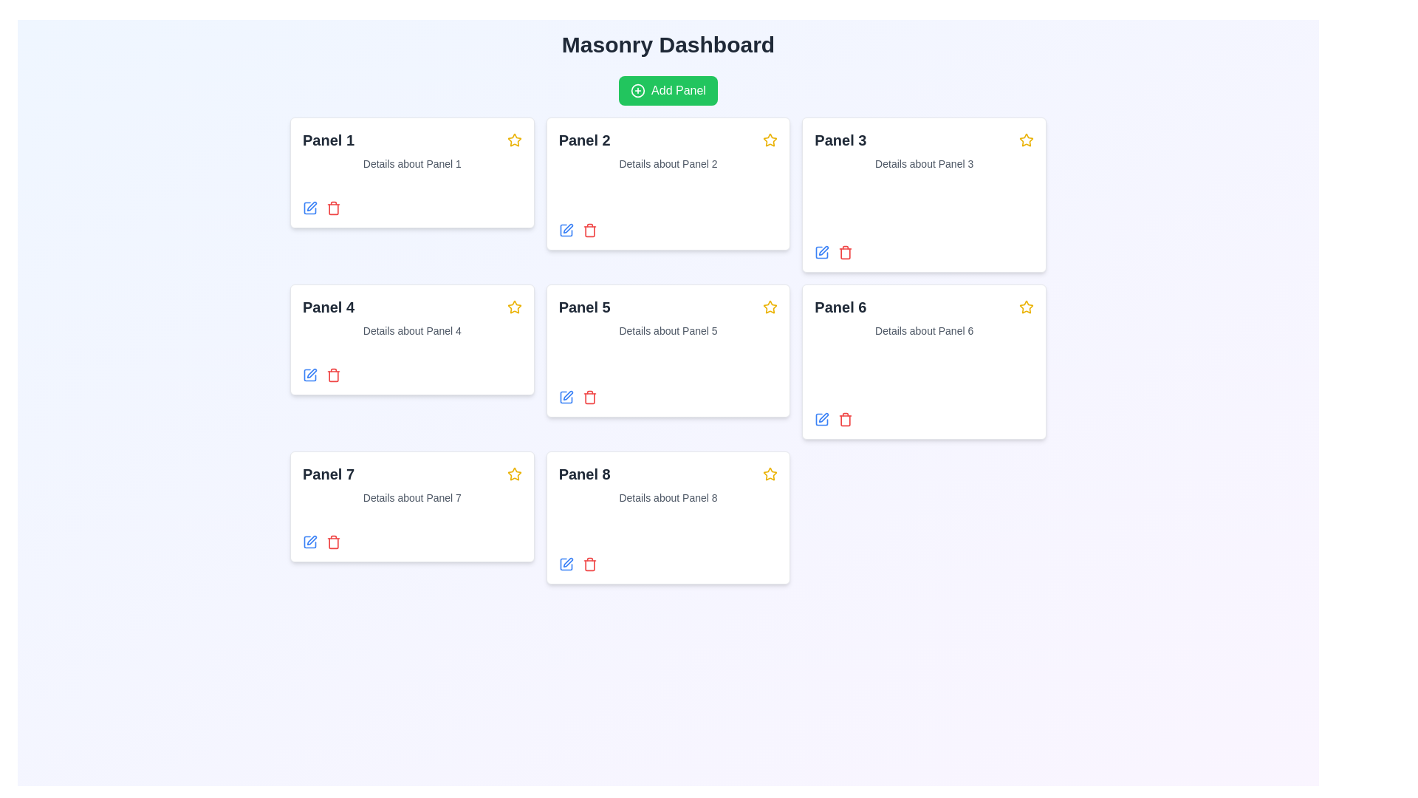 This screenshot has height=798, width=1418. Describe the element at coordinates (668, 91) in the screenshot. I see `the button located below the 'Masonry Dashboard' title` at that location.